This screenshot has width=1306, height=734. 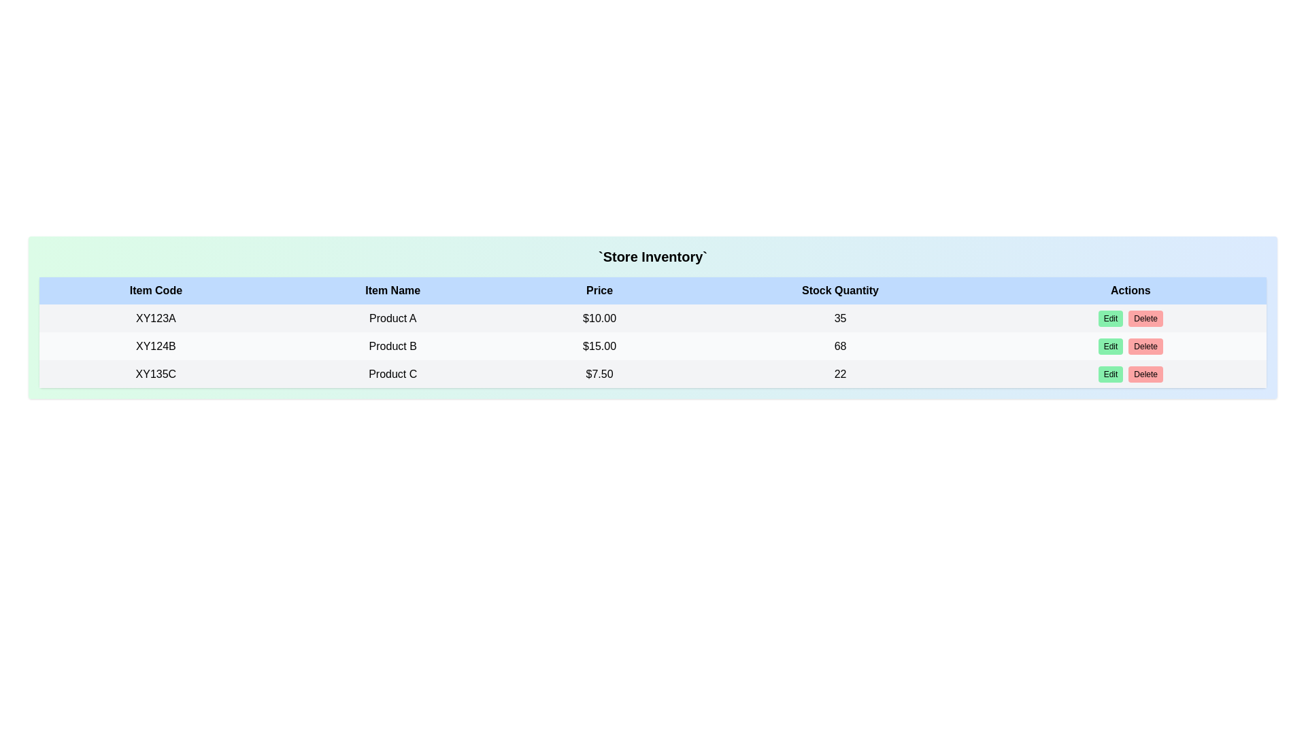 I want to click on the product name 'Product A' displayed in the second column of the inventory table, so click(x=392, y=318).